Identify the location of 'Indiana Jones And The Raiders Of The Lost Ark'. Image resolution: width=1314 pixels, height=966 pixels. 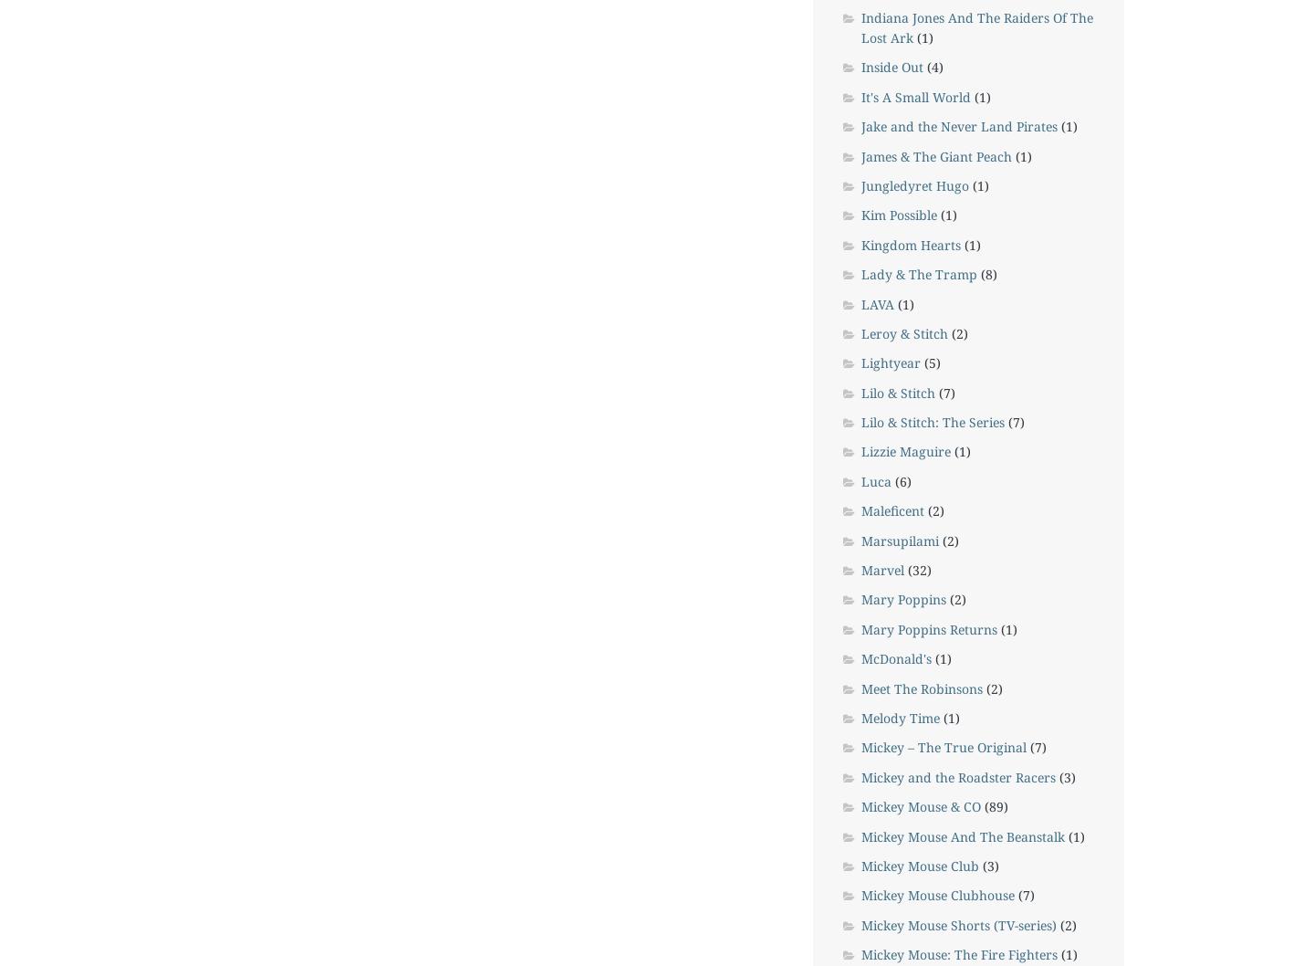
(976, 26).